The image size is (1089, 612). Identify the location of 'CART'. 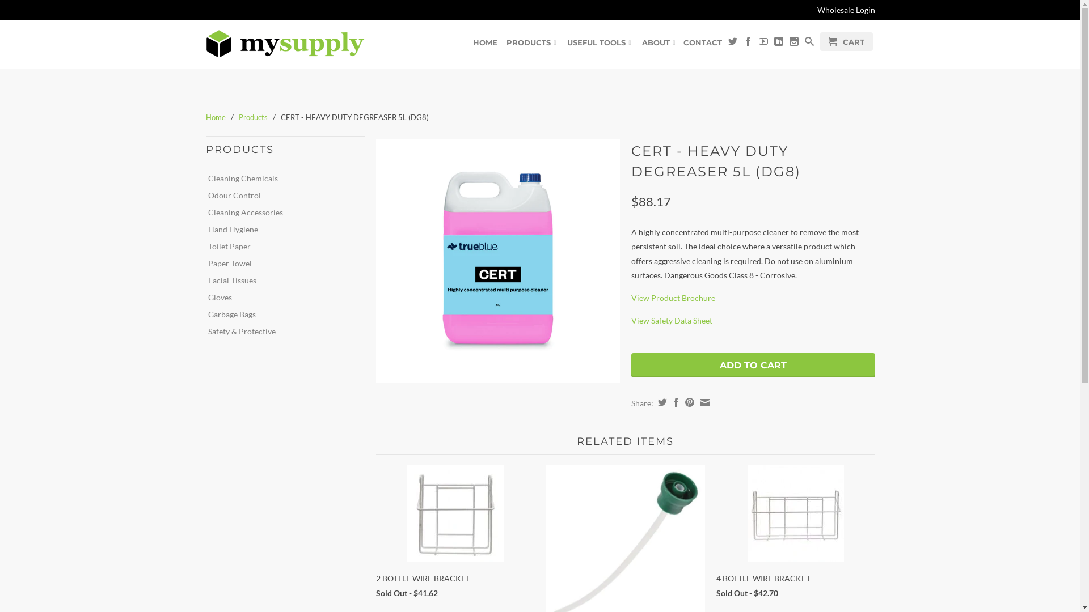
(846, 41).